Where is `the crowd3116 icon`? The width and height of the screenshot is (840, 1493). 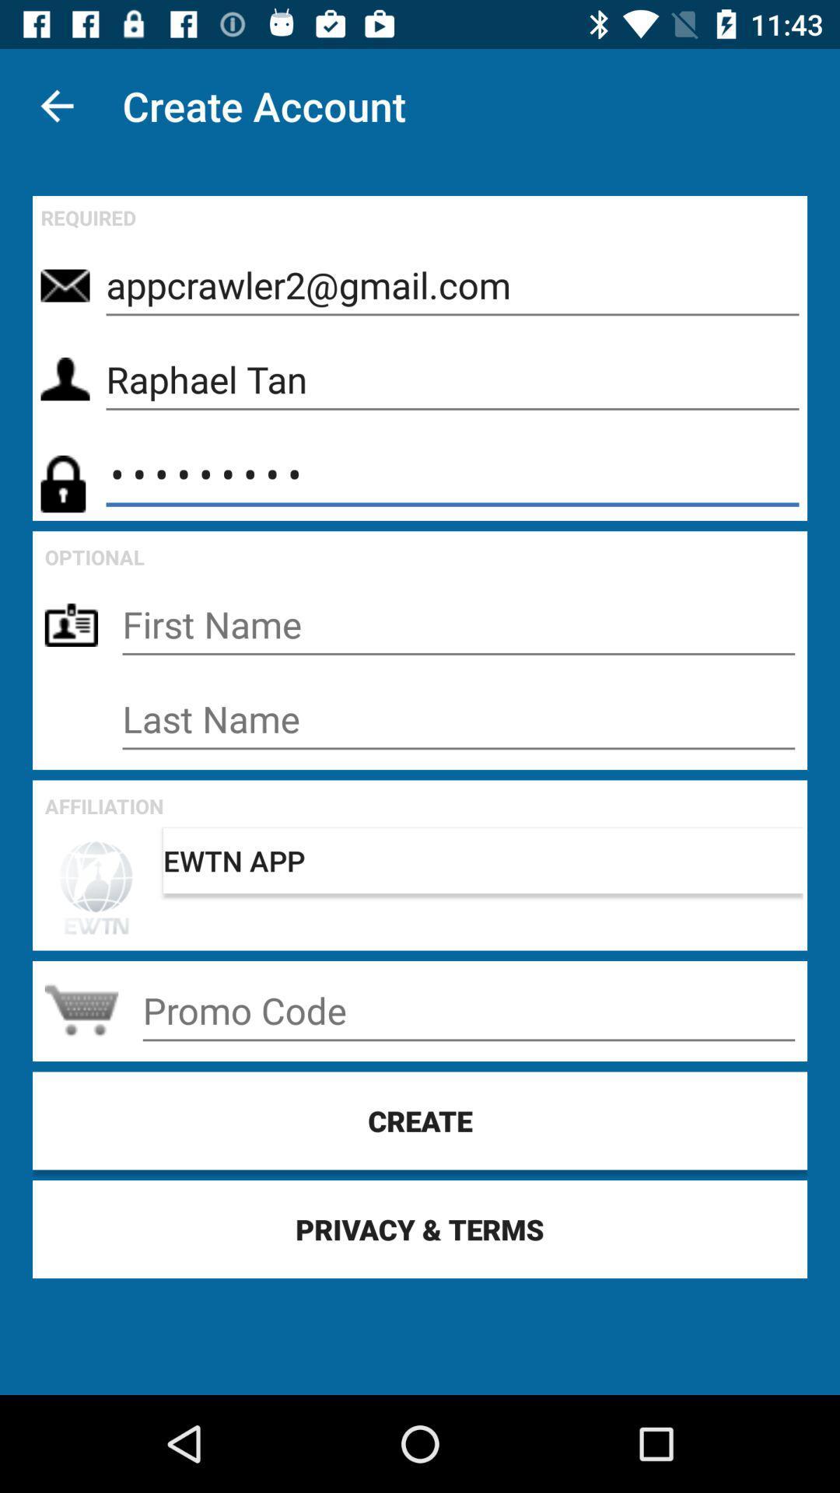 the crowd3116 icon is located at coordinates (453, 474).